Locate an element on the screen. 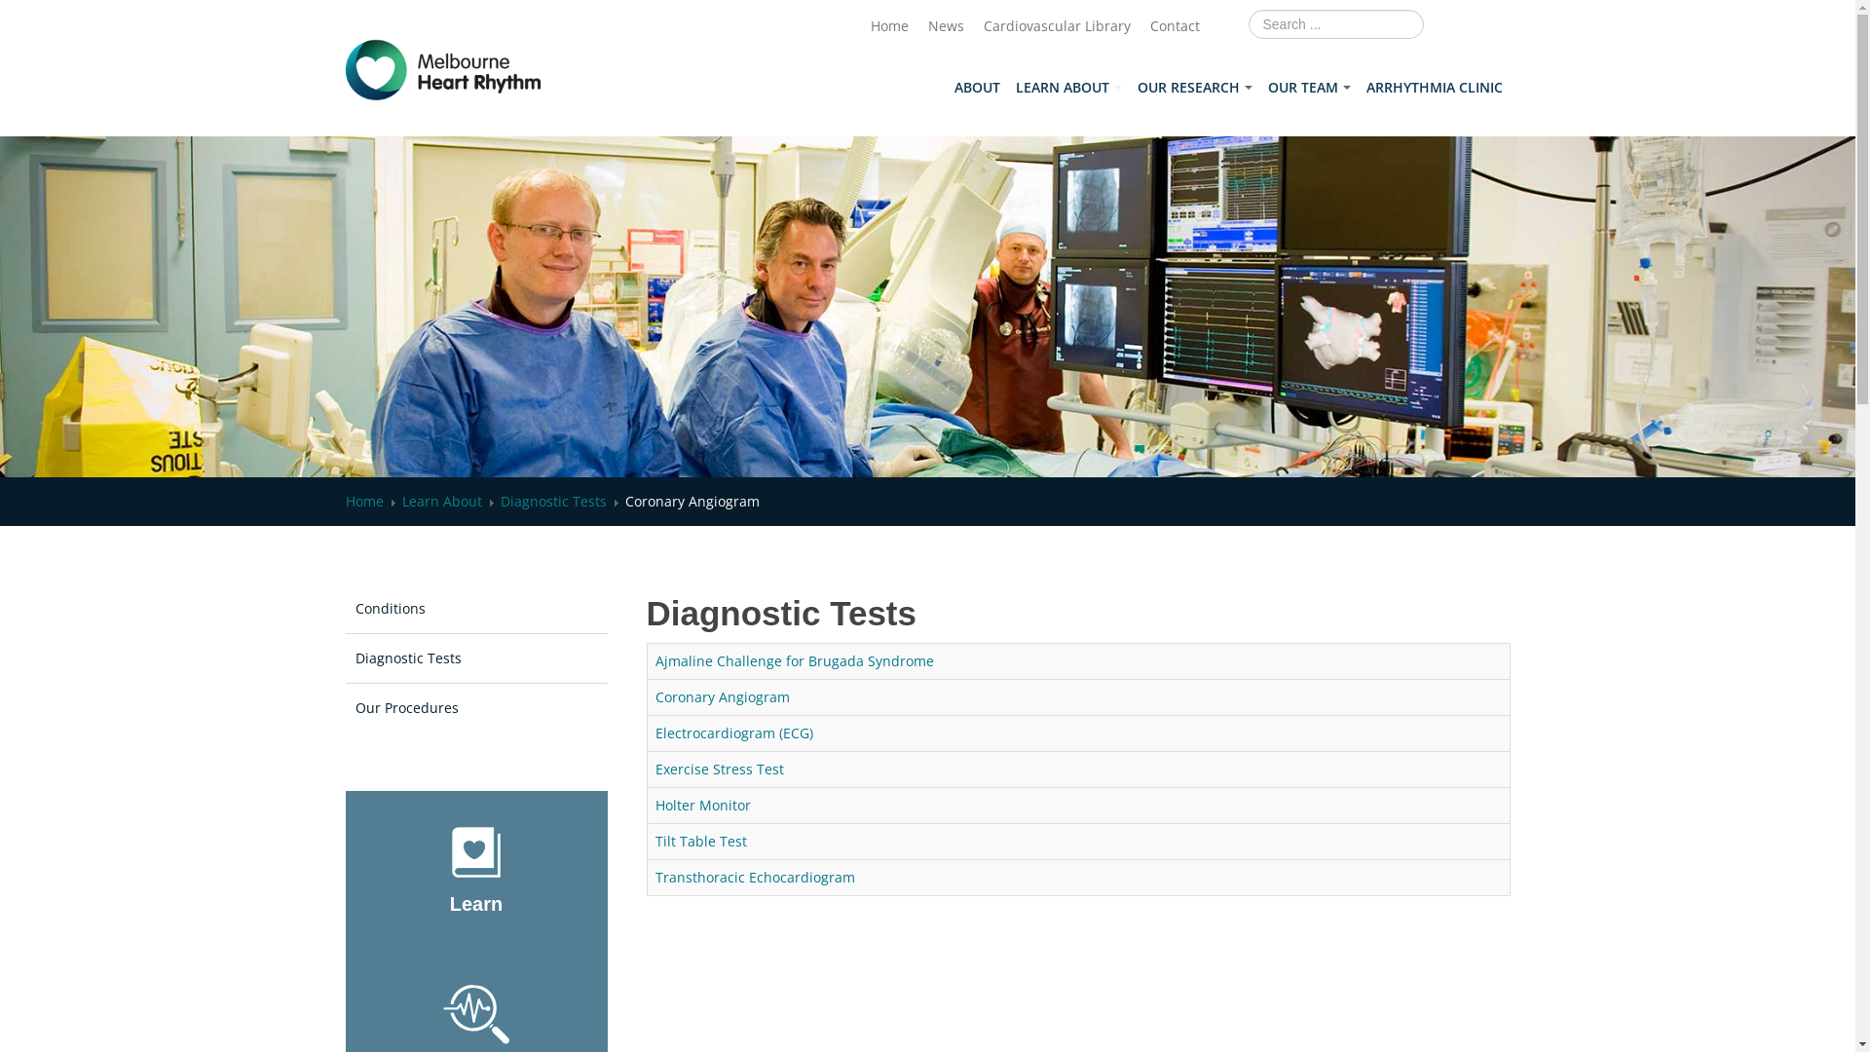 The height and width of the screenshot is (1052, 1870). 'Coronary Angiogram' is located at coordinates (720, 695).